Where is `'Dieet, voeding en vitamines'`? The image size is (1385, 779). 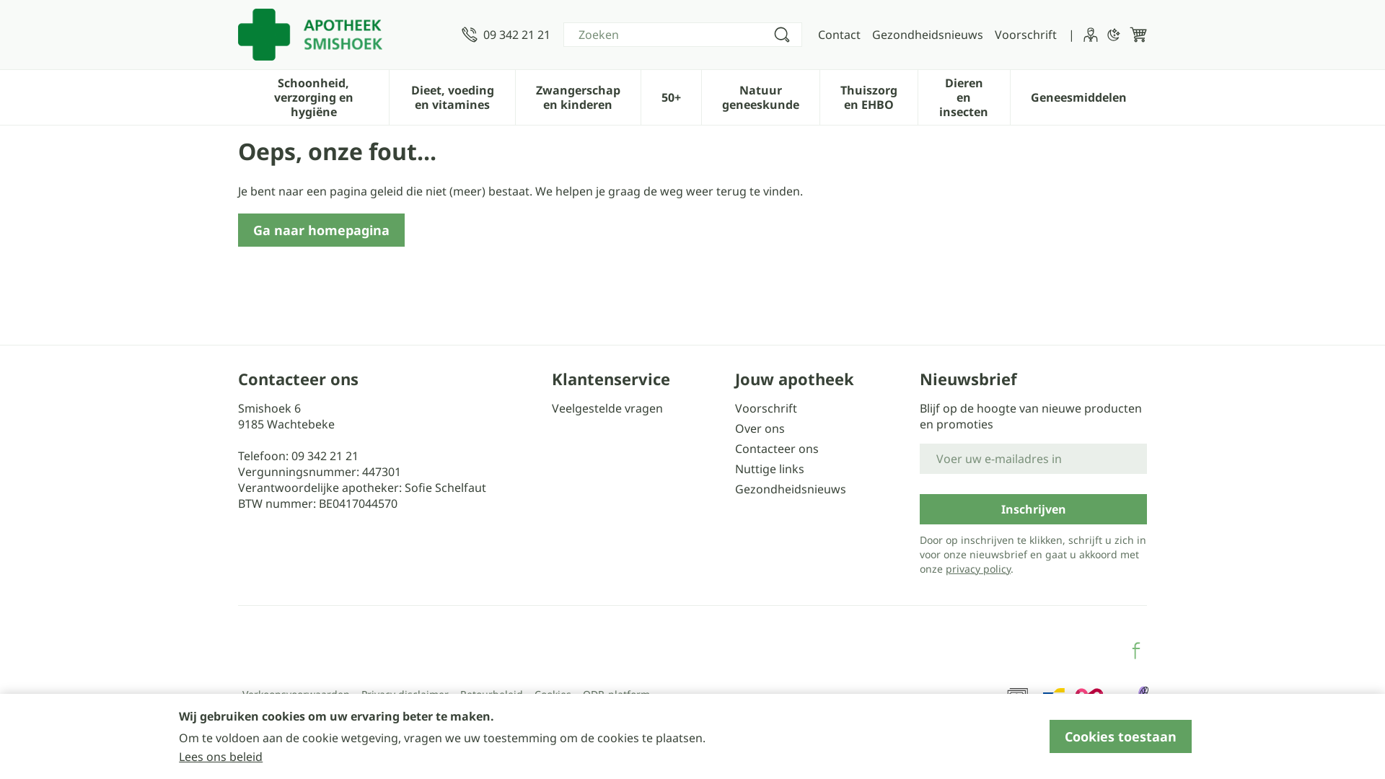 'Dieet, voeding en vitamines' is located at coordinates (451, 95).